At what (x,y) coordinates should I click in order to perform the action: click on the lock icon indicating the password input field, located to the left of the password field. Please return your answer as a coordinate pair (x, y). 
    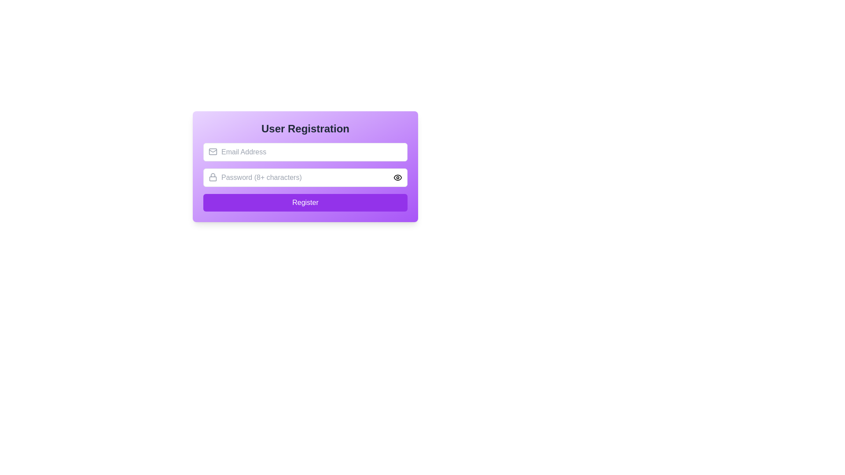
    Looking at the image, I should click on (213, 177).